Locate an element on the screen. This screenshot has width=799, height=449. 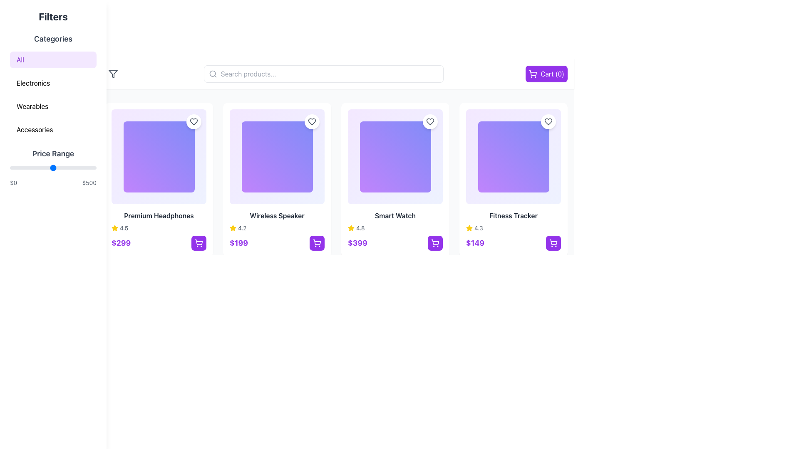
the circular button with a heart-shaped icon in the top-right corner of the 'Wireless Speaker' product card is located at coordinates (311, 122).